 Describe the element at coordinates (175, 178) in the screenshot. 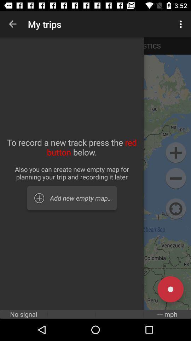

I see `the zoom_out icon` at that location.